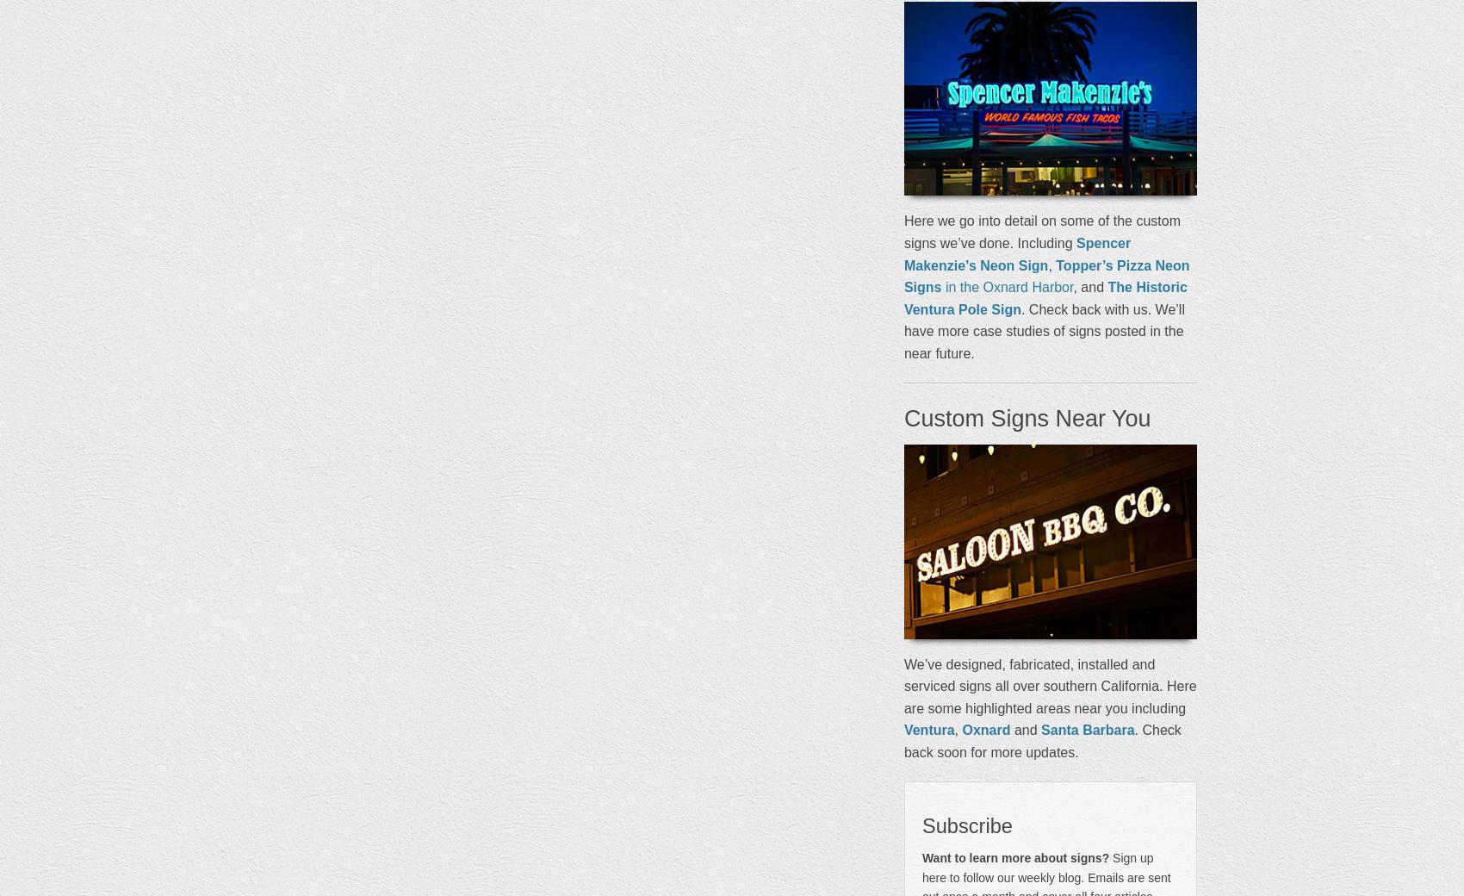  Describe the element at coordinates (1007, 286) in the screenshot. I see `'in the Oxnard Harbor'` at that location.